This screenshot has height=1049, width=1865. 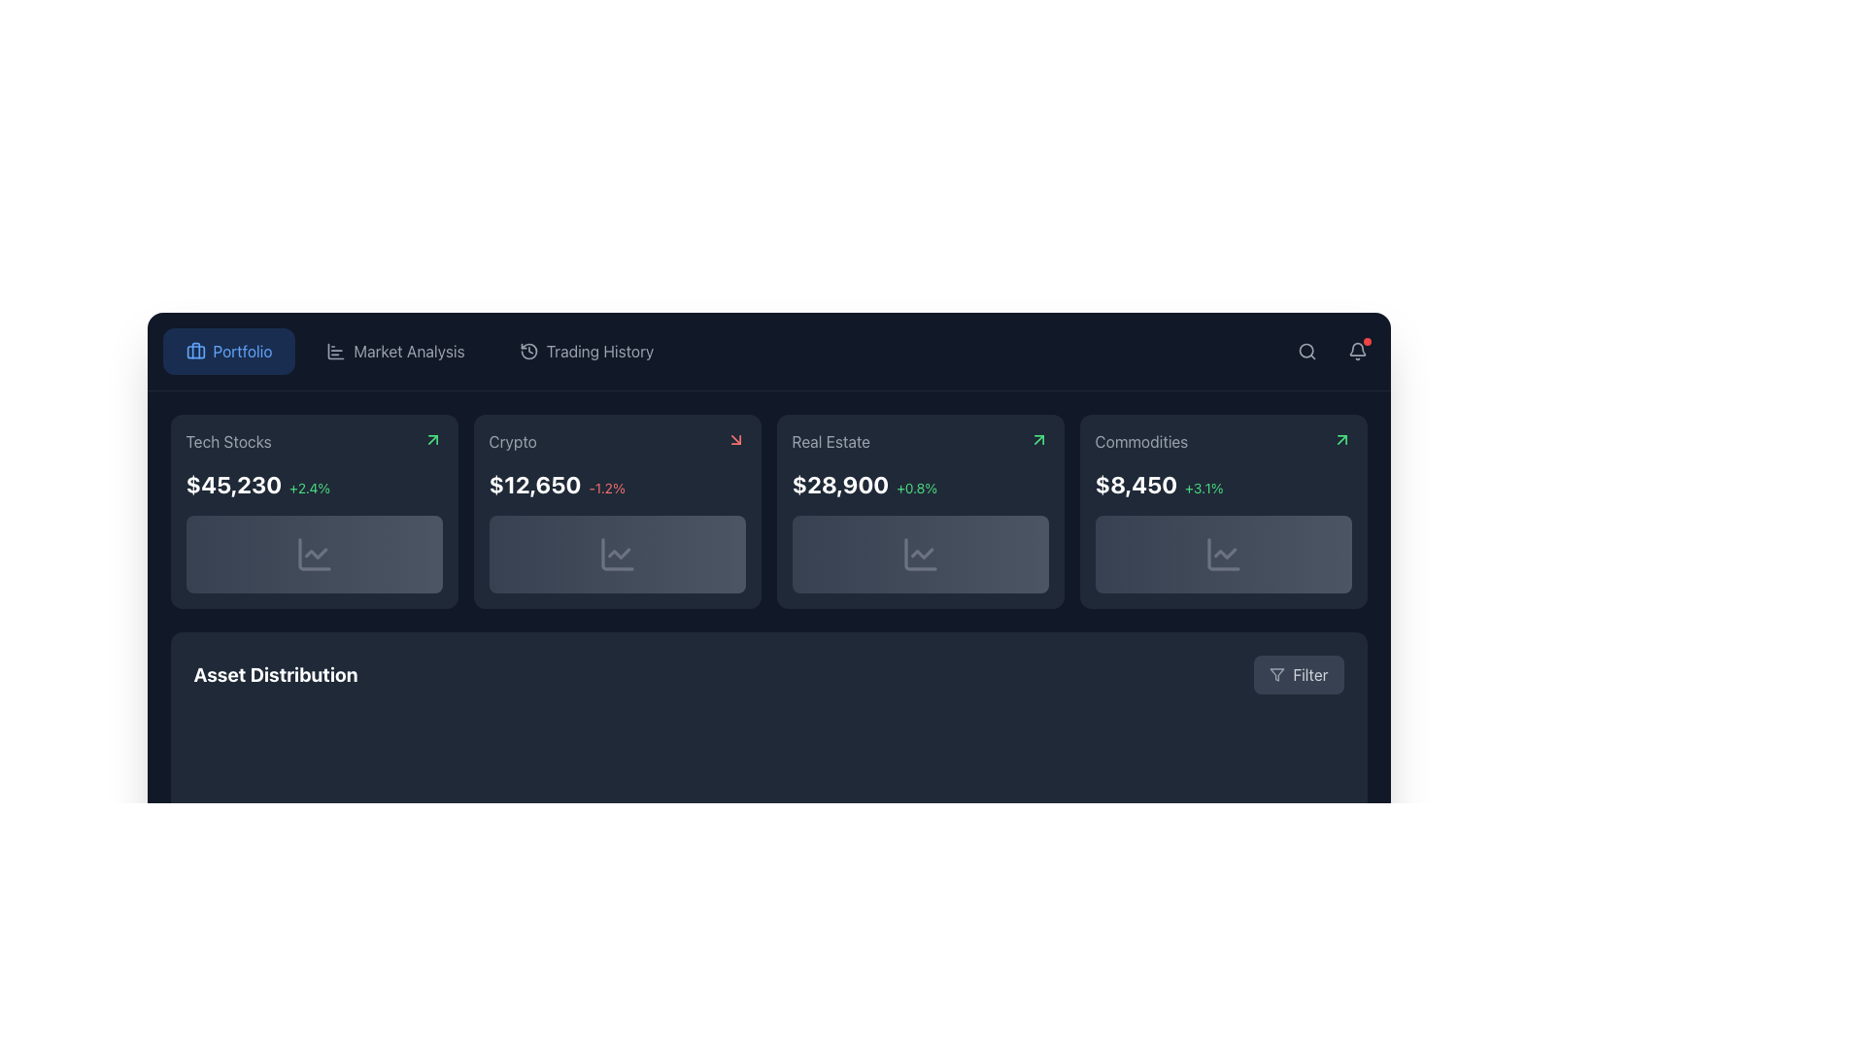 I want to click on the decorative icon representing 'Market Analysis' located to the left of the text in the top navigation bar, so click(x=336, y=352).